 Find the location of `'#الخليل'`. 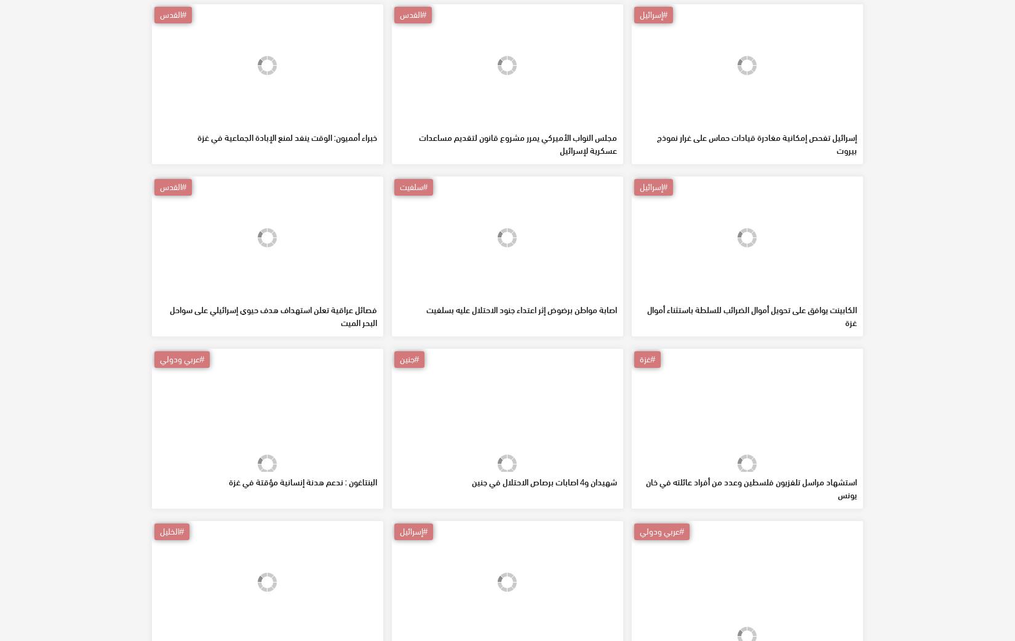

'#الخليل' is located at coordinates (172, 619).